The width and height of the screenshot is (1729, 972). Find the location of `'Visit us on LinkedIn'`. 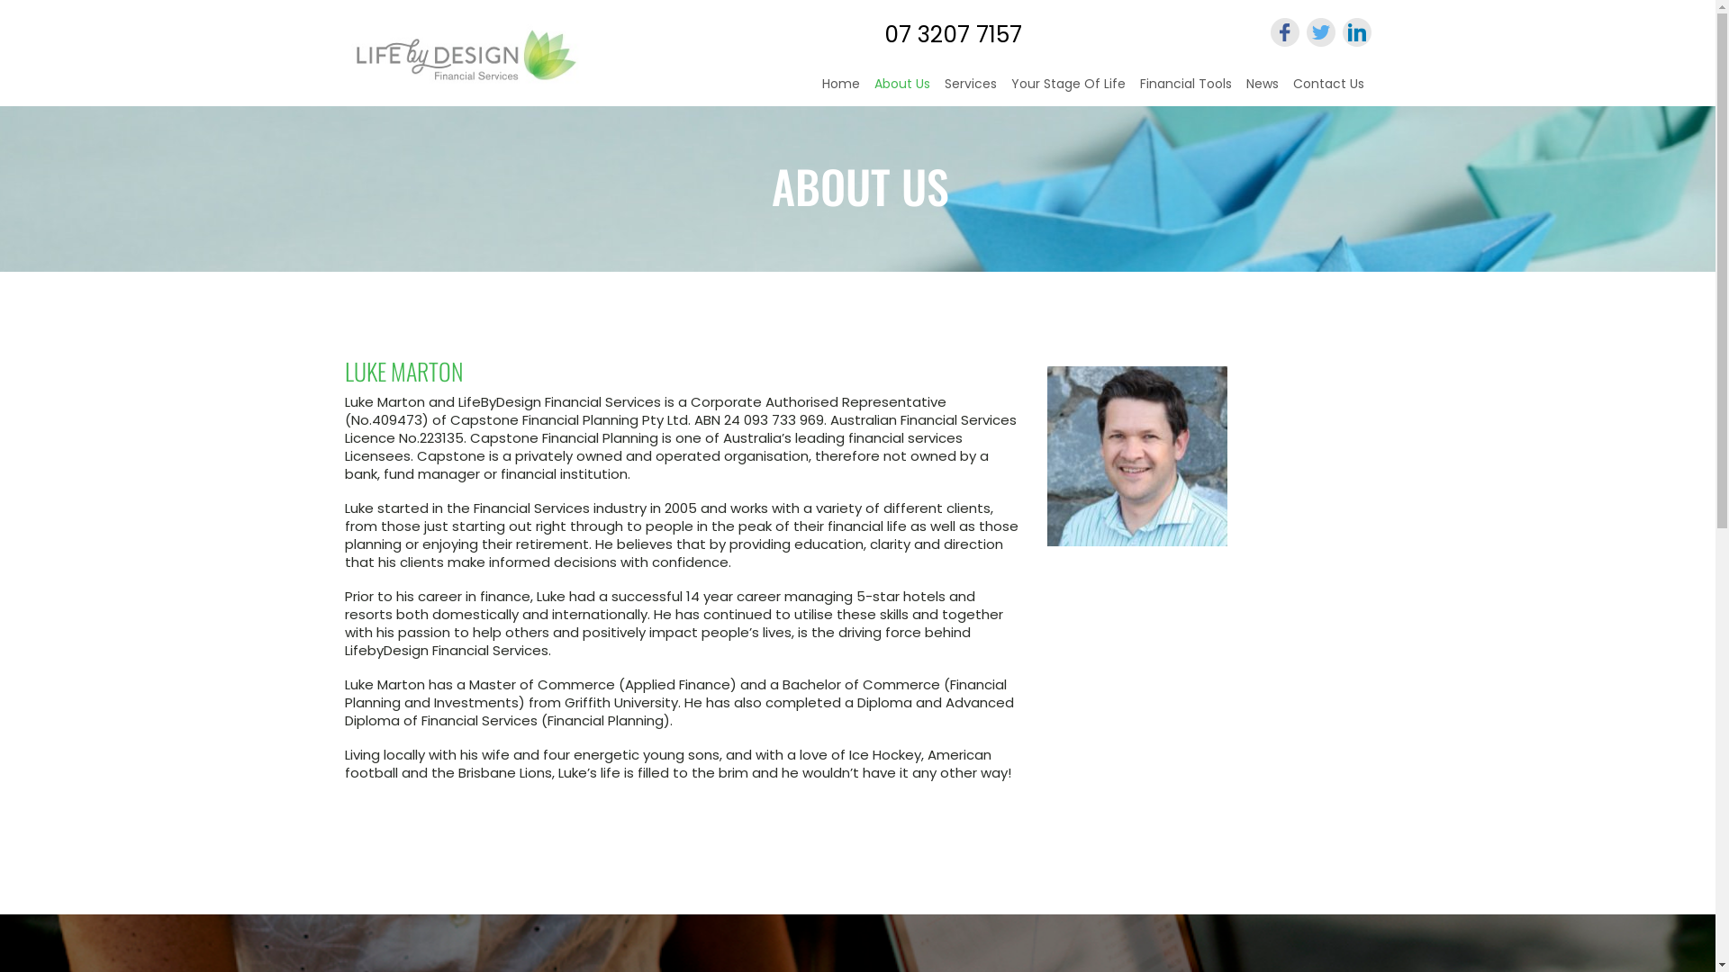

'Visit us on LinkedIn' is located at coordinates (1356, 31).